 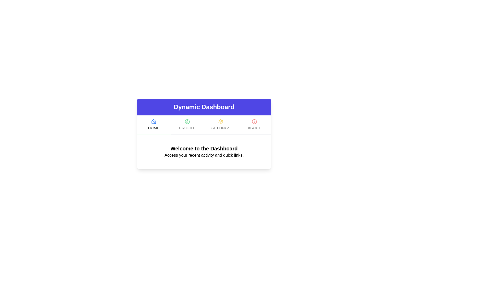 What do you see at coordinates (153, 125) in the screenshot?
I see `the 'Home' button, which is the first tab in a tab bar below a purple header` at bounding box center [153, 125].